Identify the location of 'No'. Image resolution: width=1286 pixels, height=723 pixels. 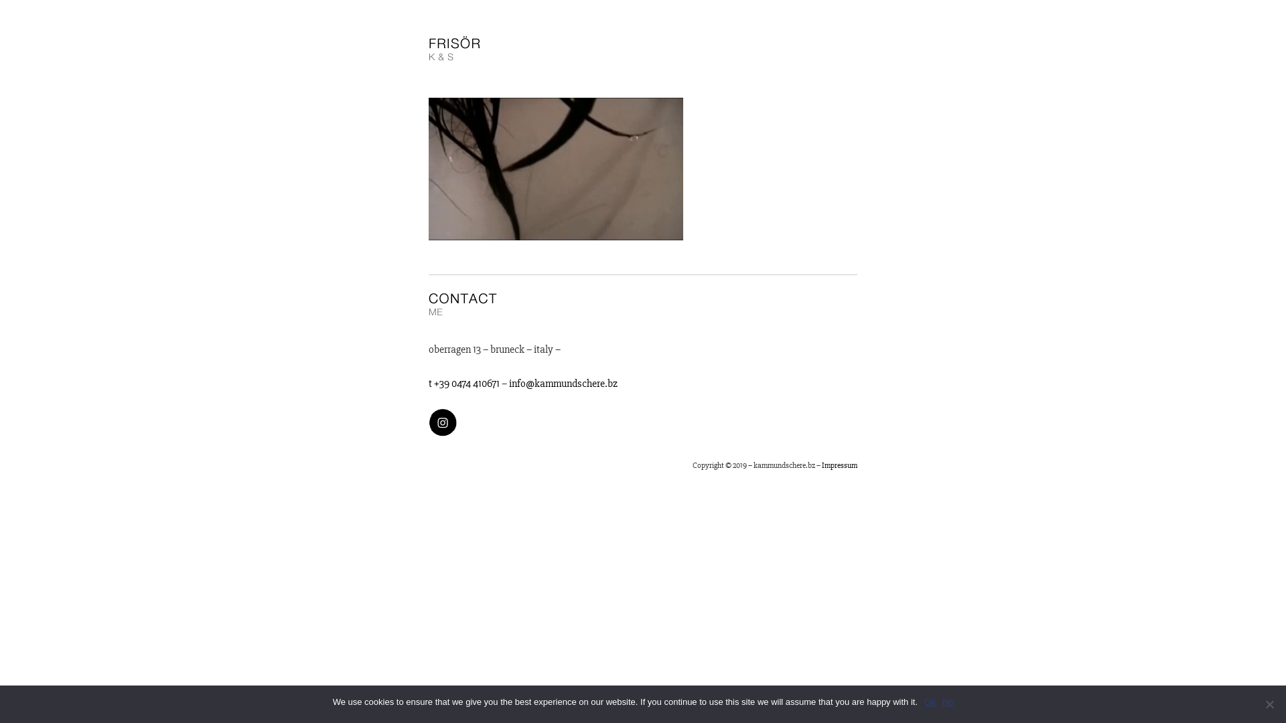
(1269, 704).